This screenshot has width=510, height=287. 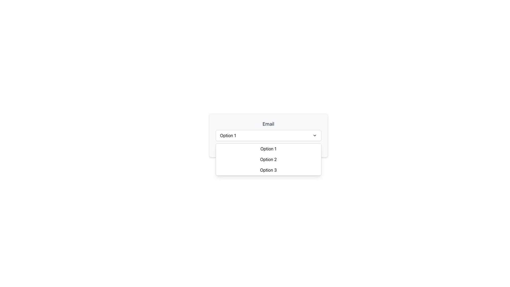 What do you see at coordinates (277, 148) in the screenshot?
I see `the first selectable option in the dropdown menu labeled 'Option 1'` at bounding box center [277, 148].